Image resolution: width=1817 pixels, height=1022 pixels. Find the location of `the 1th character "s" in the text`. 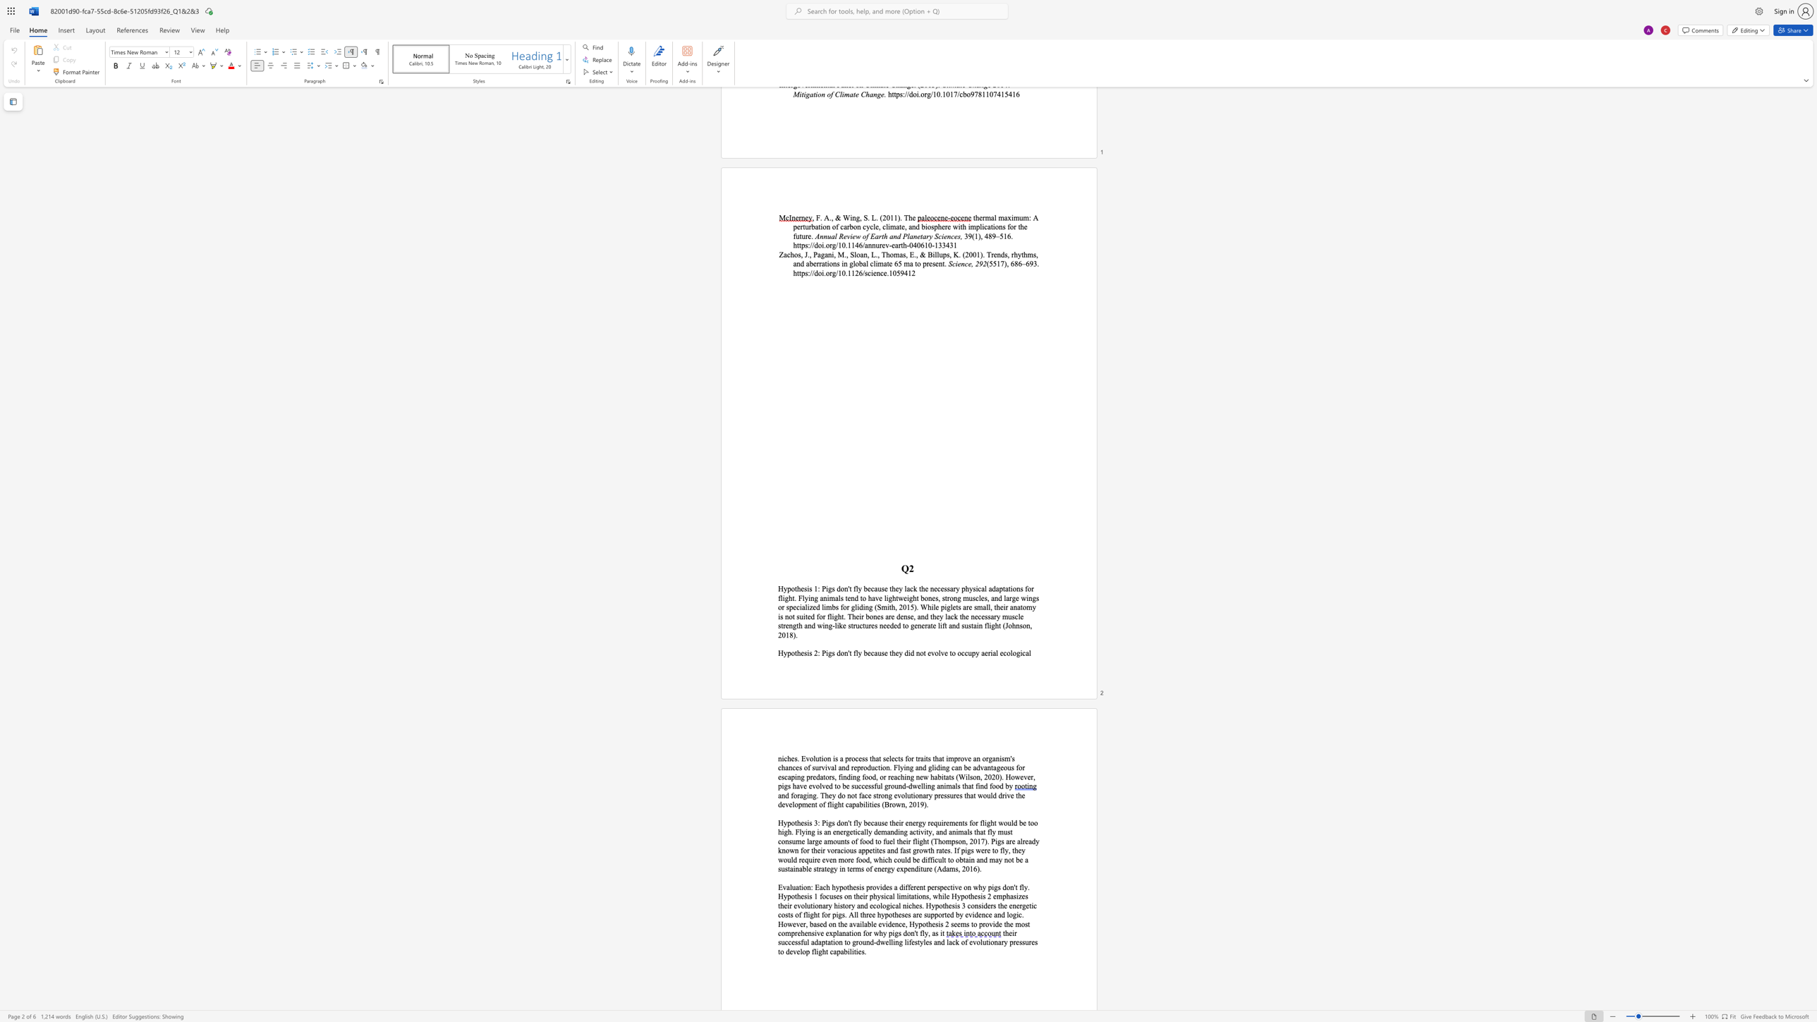

the 1th character "s" in the text is located at coordinates (1012, 767).